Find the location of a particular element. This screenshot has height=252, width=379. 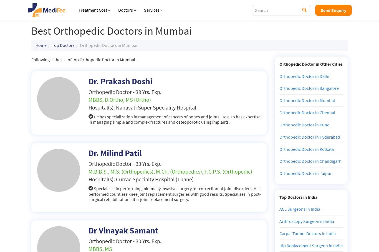

'Orthopedic Doctor in Mumbai' is located at coordinates (307, 100).